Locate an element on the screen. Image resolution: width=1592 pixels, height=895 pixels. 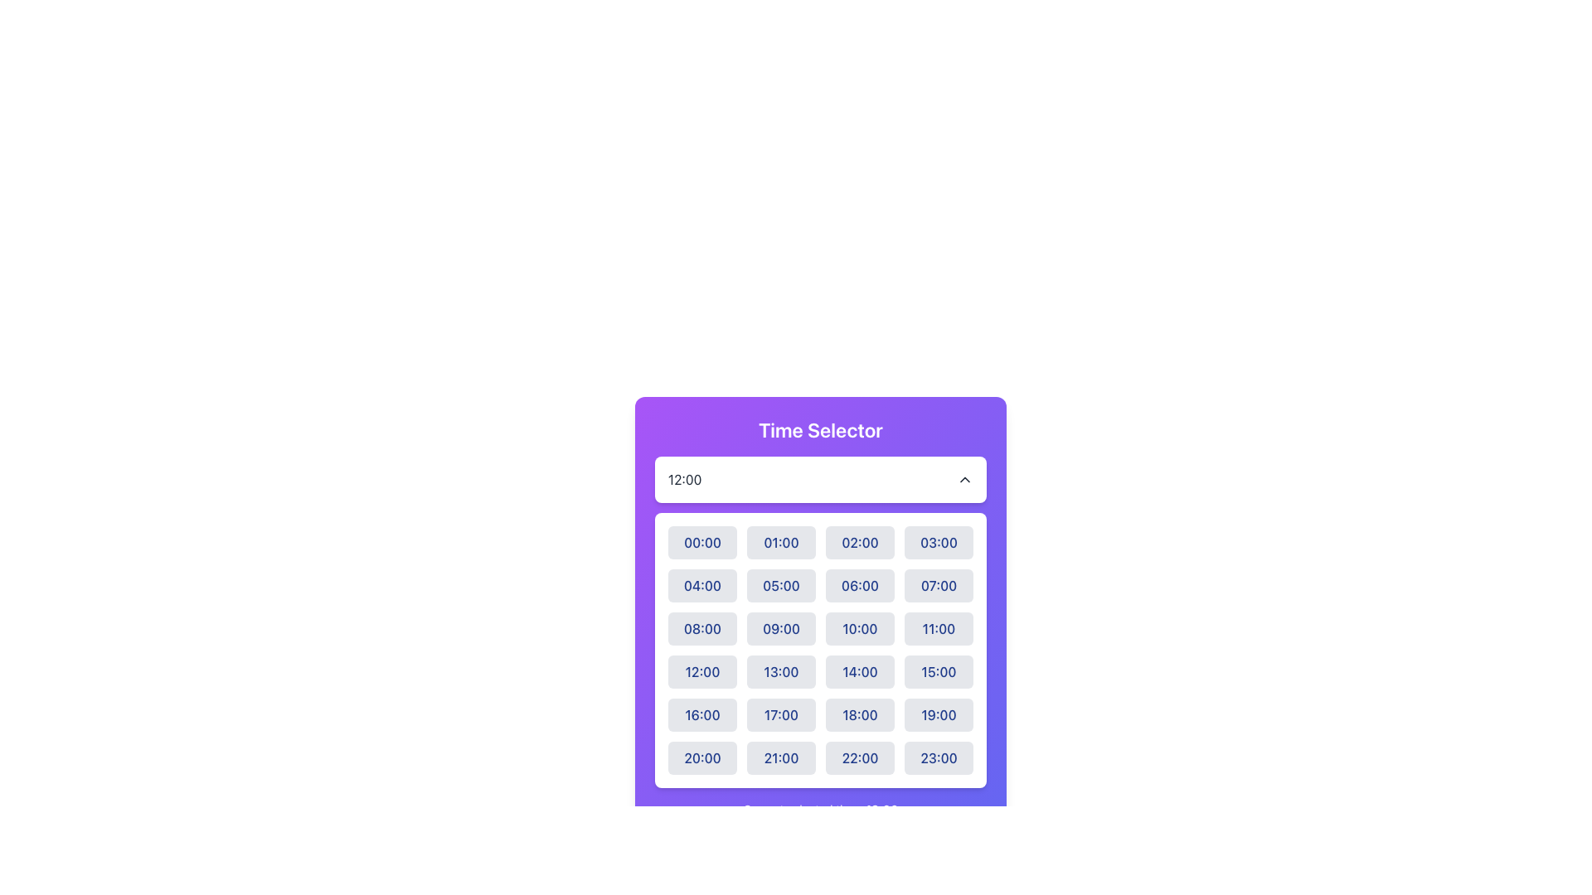
the selection button for the time '21:00' is located at coordinates (780, 757).